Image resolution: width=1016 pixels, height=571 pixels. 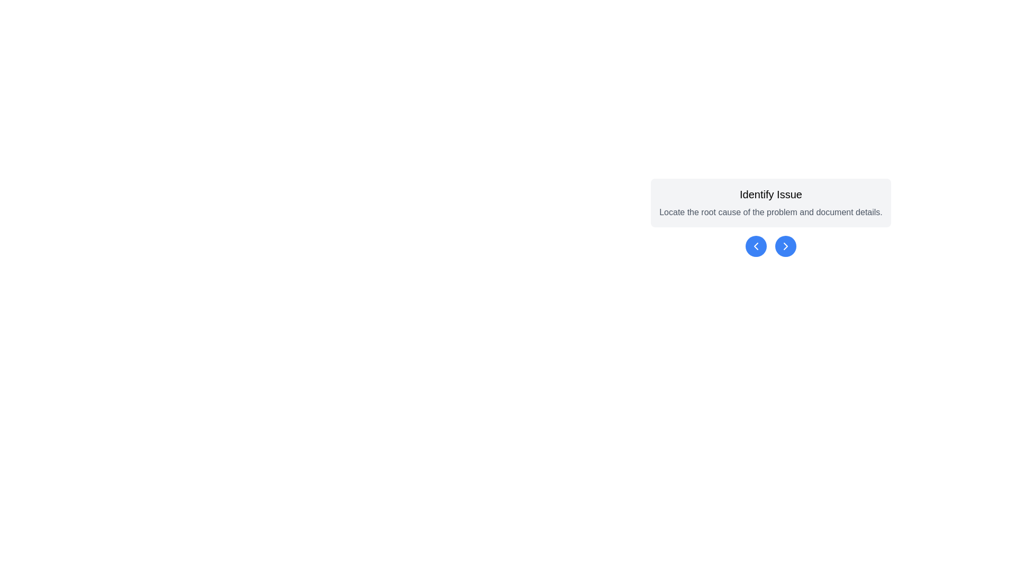 What do you see at coordinates (770, 194) in the screenshot?
I see `the Text Label that serves as a header or title text, located at the top of a rounded rectangular card, summarizing the primary focus of the section` at bounding box center [770, 194].